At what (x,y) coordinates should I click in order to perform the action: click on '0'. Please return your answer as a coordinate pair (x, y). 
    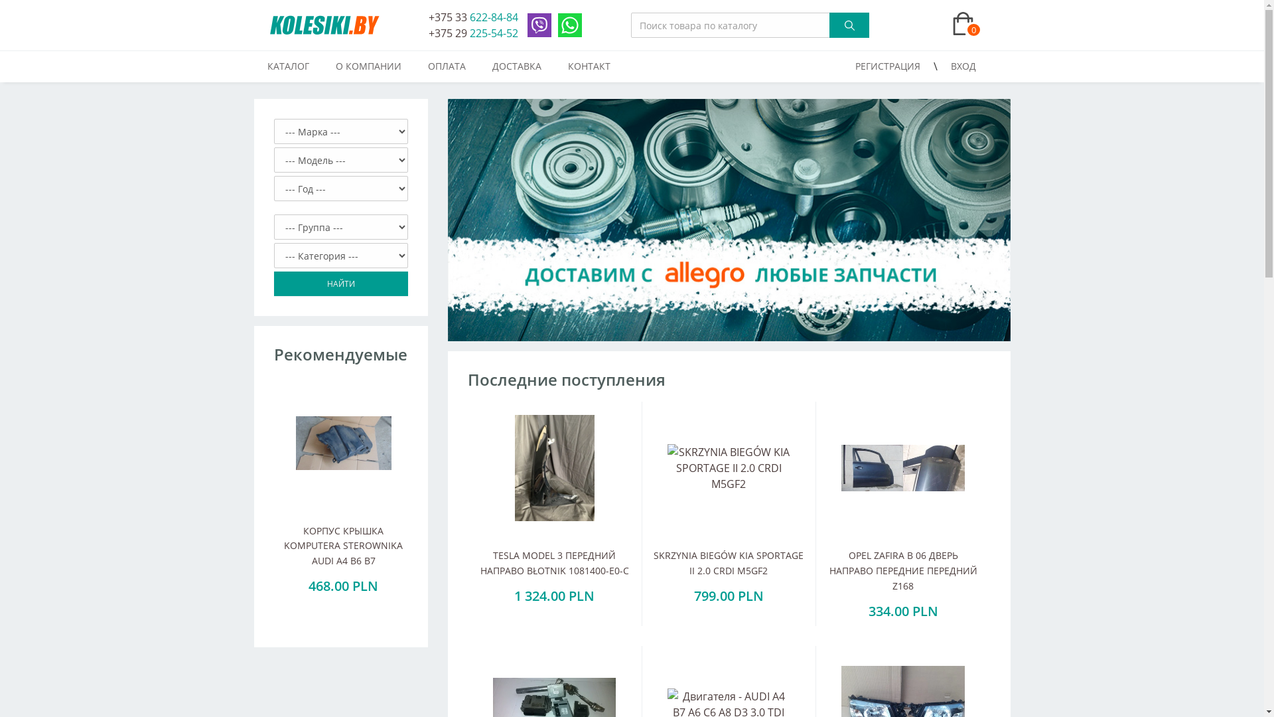
    Looking at the image, I should click on (915, 25).